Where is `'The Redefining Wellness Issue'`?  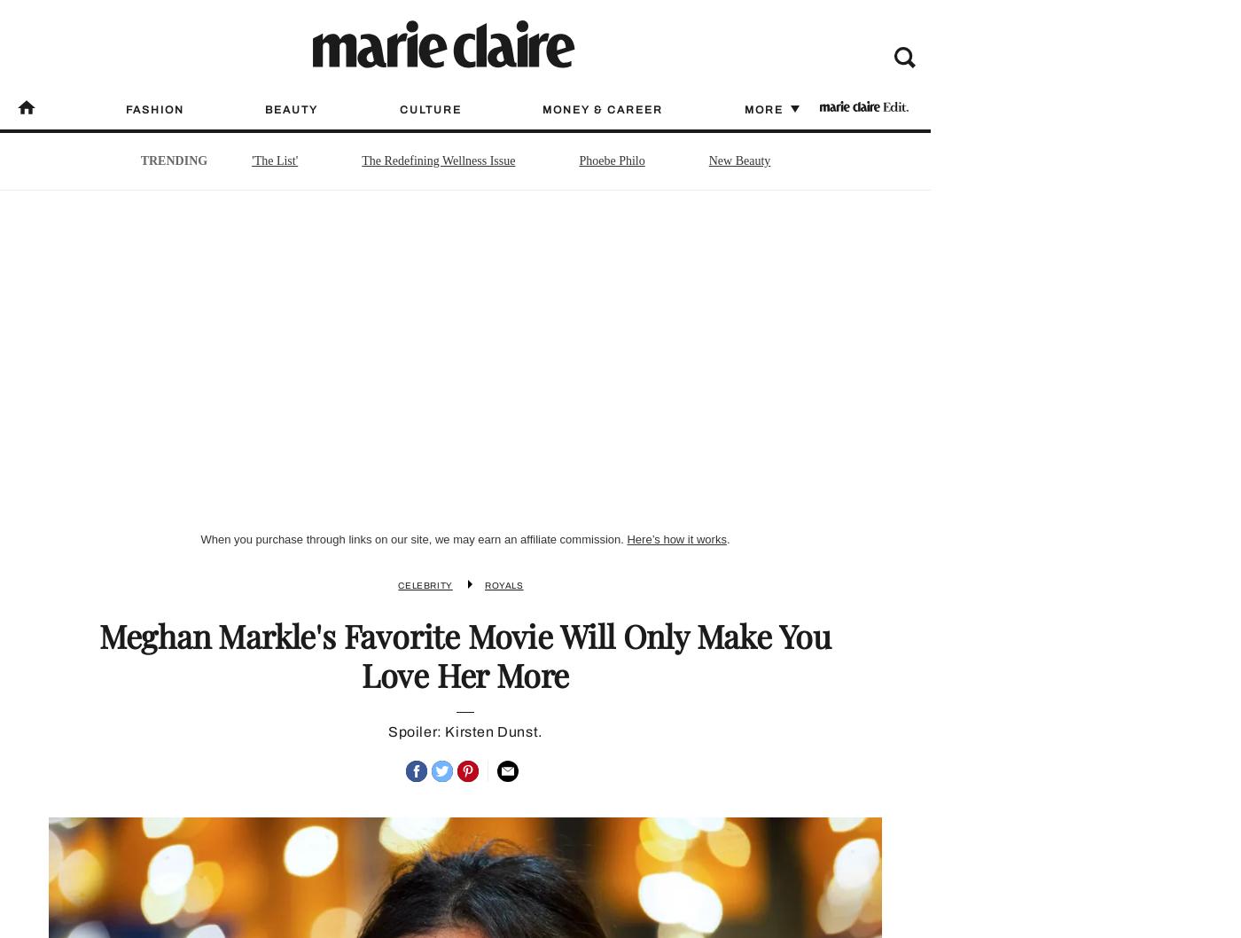
'The Redefining Wellness Issue' is located at coordinates (438, 160).